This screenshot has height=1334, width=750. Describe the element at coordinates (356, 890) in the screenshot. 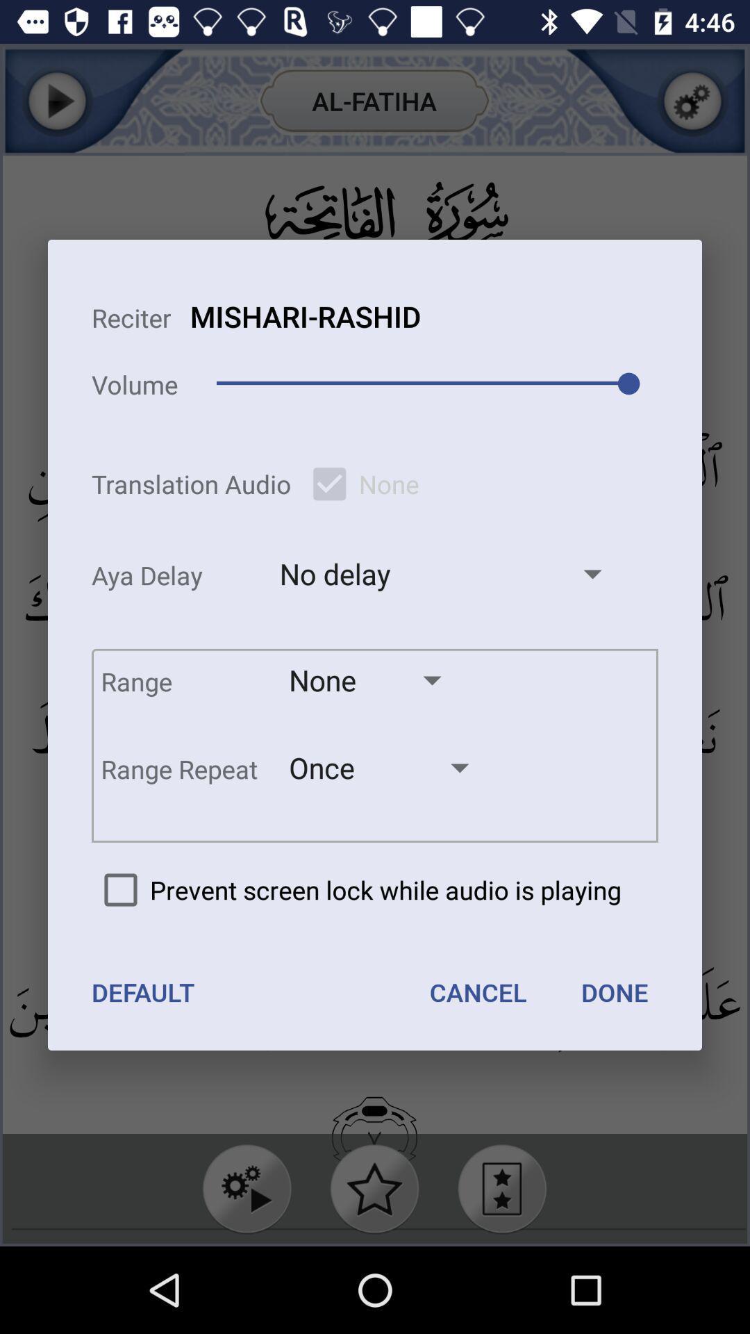

I see `the prevent screen lock icon` at that location.